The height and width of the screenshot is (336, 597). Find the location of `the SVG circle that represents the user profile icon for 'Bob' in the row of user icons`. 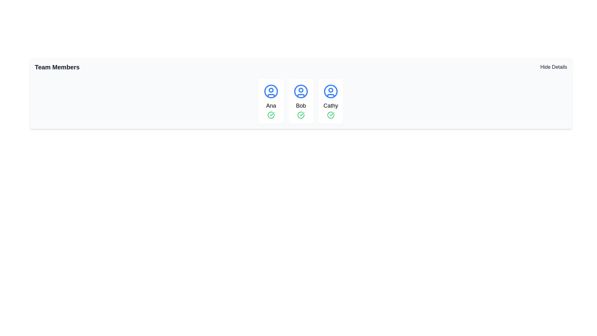

the SVG circle that represents the user profile icon for 'Bob' in the row of user icons is located at coordinates (301, 91).